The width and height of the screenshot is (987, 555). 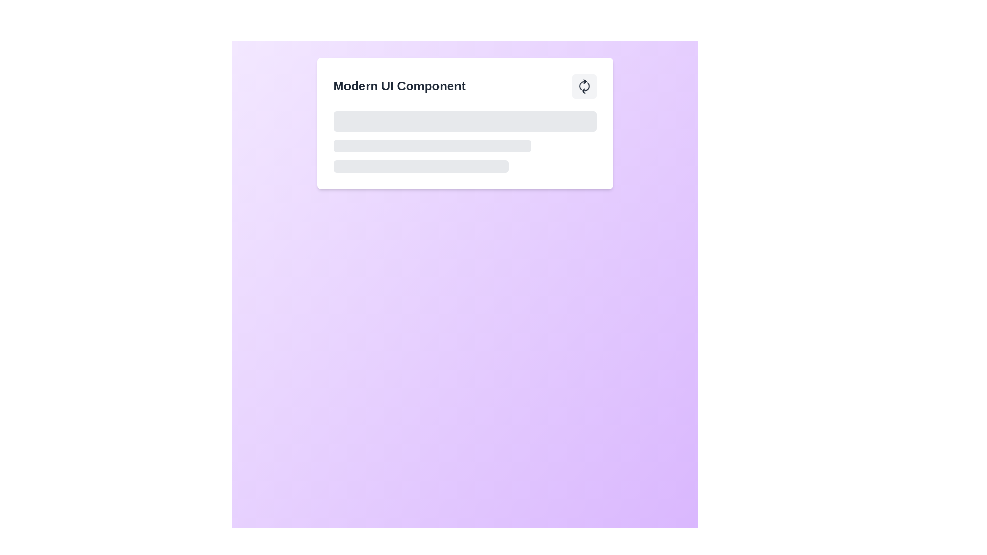 I want to click on the circular refresh button with spinning arrows in the top-right region of the 'Modern UI Component', so click(x=584, y=86).